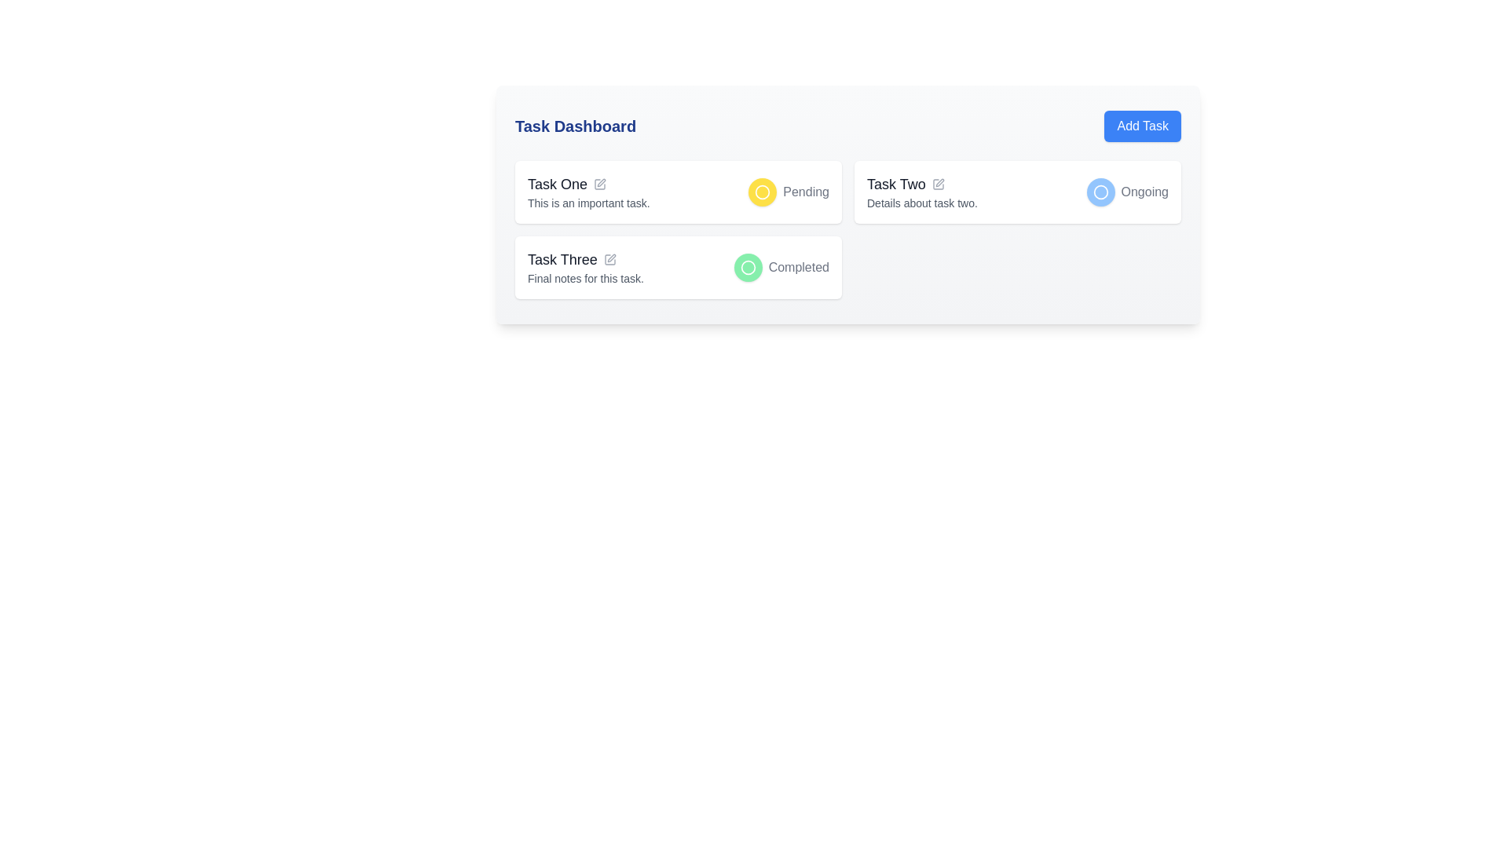 Image resolution: width=1508 pixels, height=848 pixels. Describe the element at coordinates (1100, 192) in the screenshot. I see `the small circular icon with a fine white border, located within a slightly larger blue circular background, which is placed just to the left of the label 'Ongoing' in the 'Task Two' row` at that location.